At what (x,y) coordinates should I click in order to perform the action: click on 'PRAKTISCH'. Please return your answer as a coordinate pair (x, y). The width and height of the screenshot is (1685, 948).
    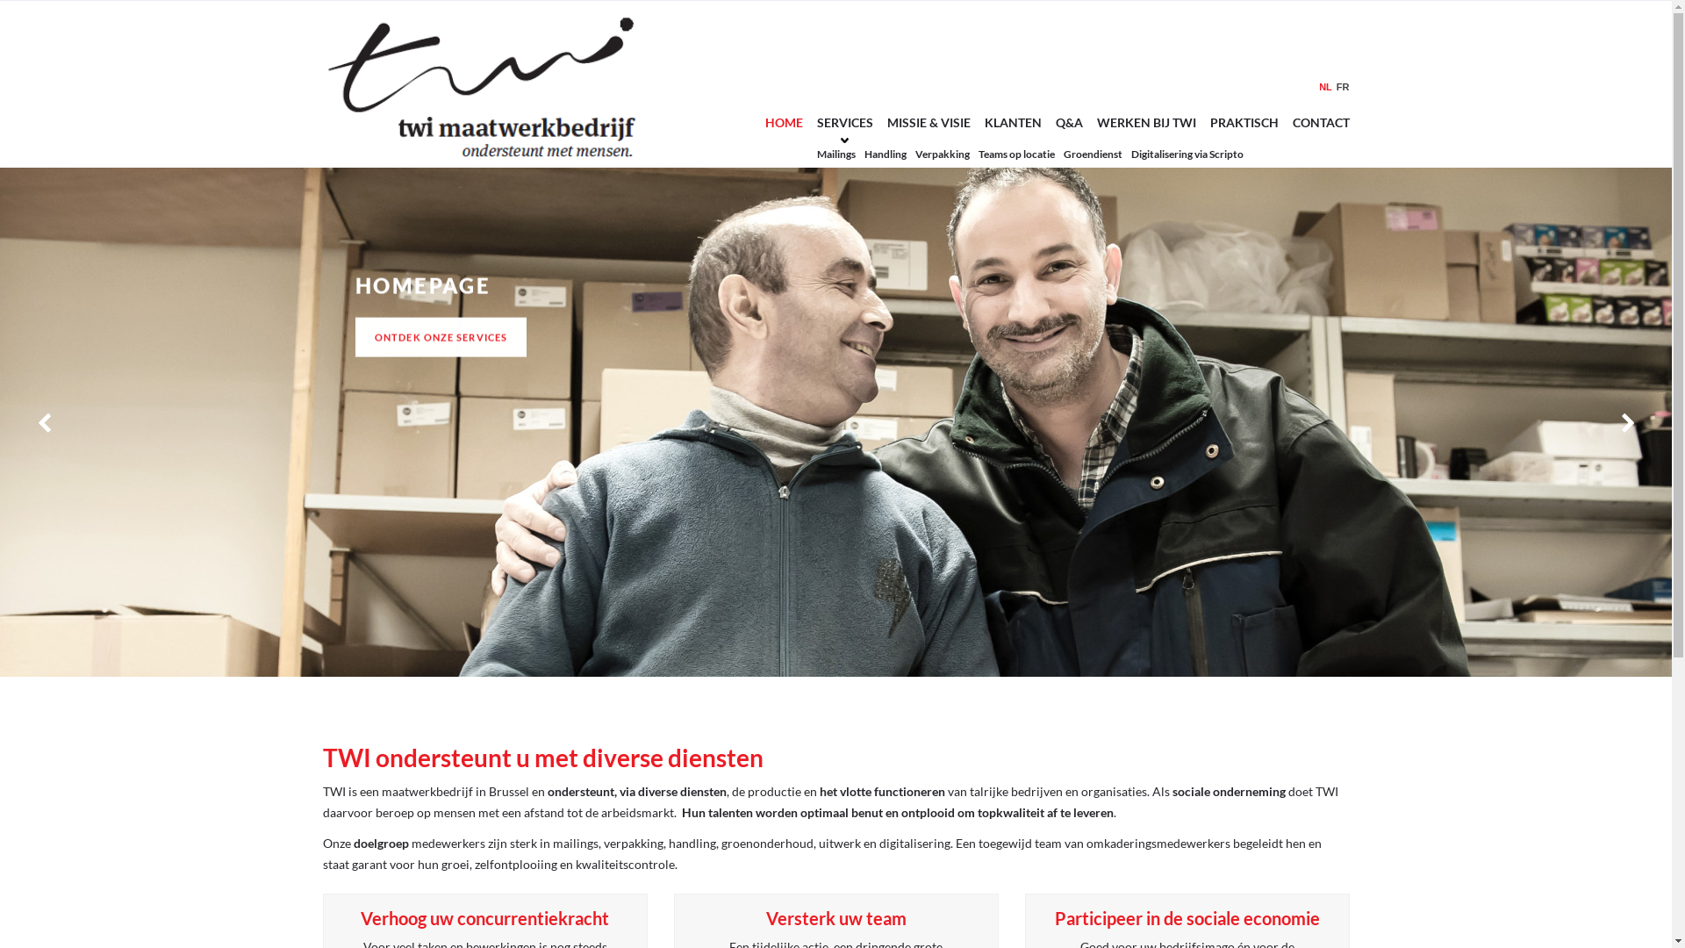
    Looking at the image, I should click on (1208, 122).